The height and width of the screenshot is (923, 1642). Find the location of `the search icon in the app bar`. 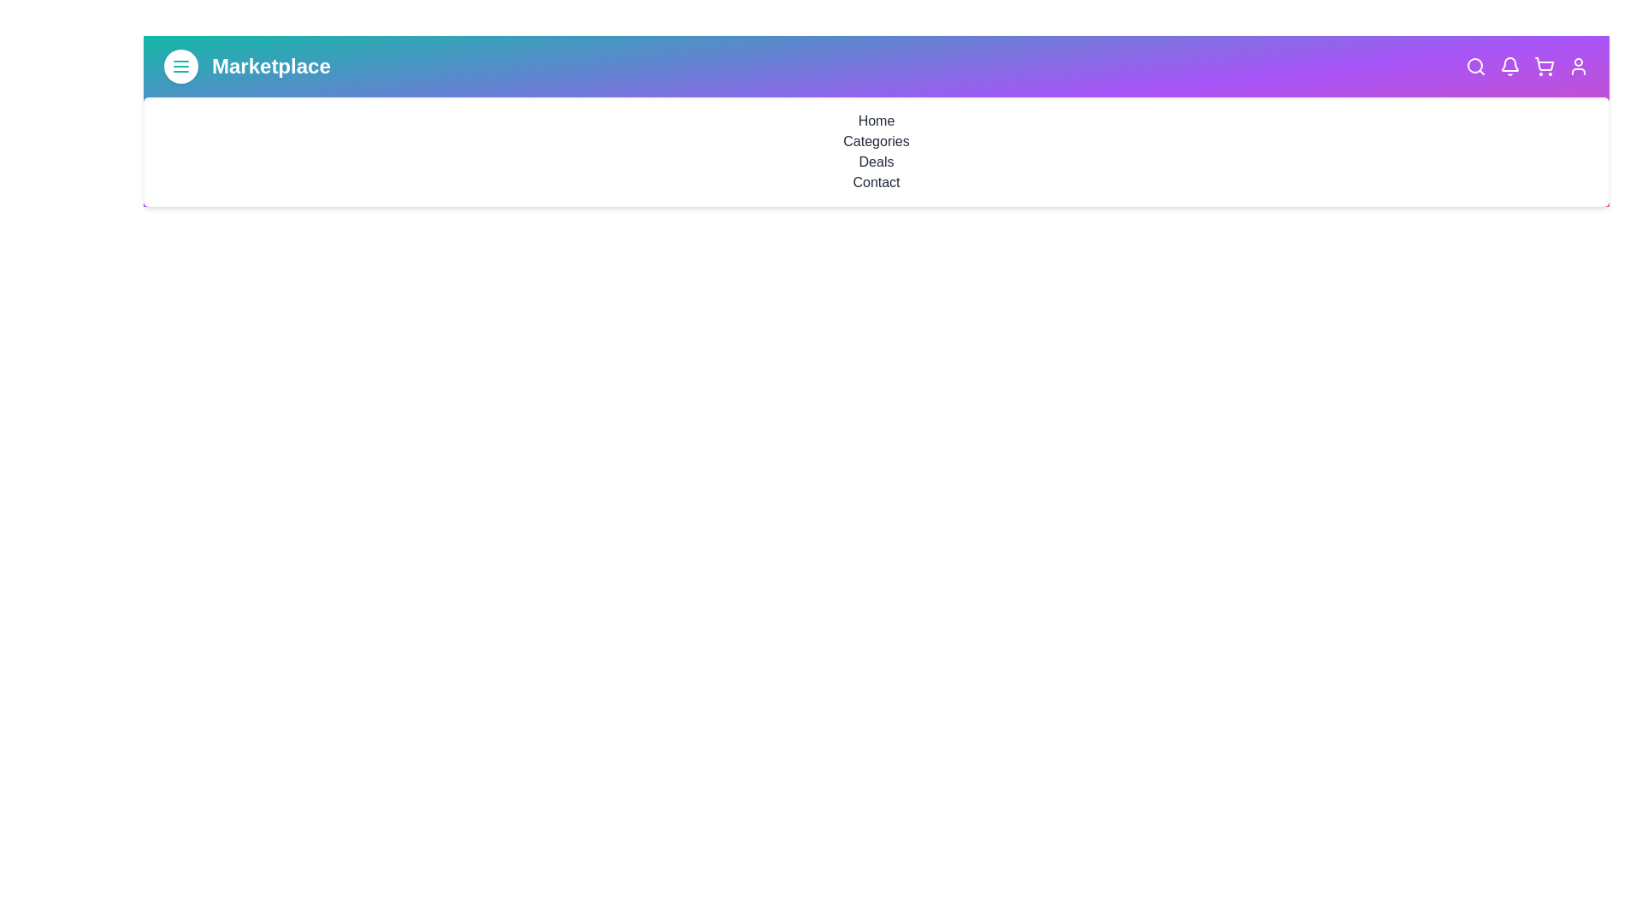

the search icon in the app bar is located at coordinates (1475, 65).